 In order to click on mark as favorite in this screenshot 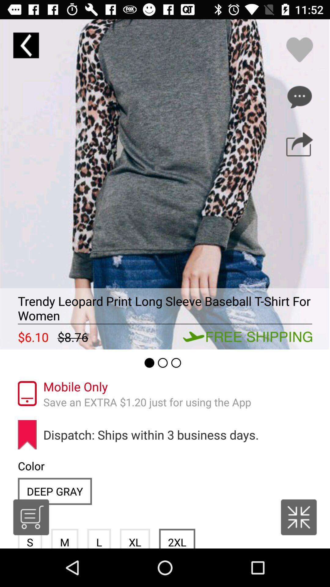, I will do `click(299, 50)`.